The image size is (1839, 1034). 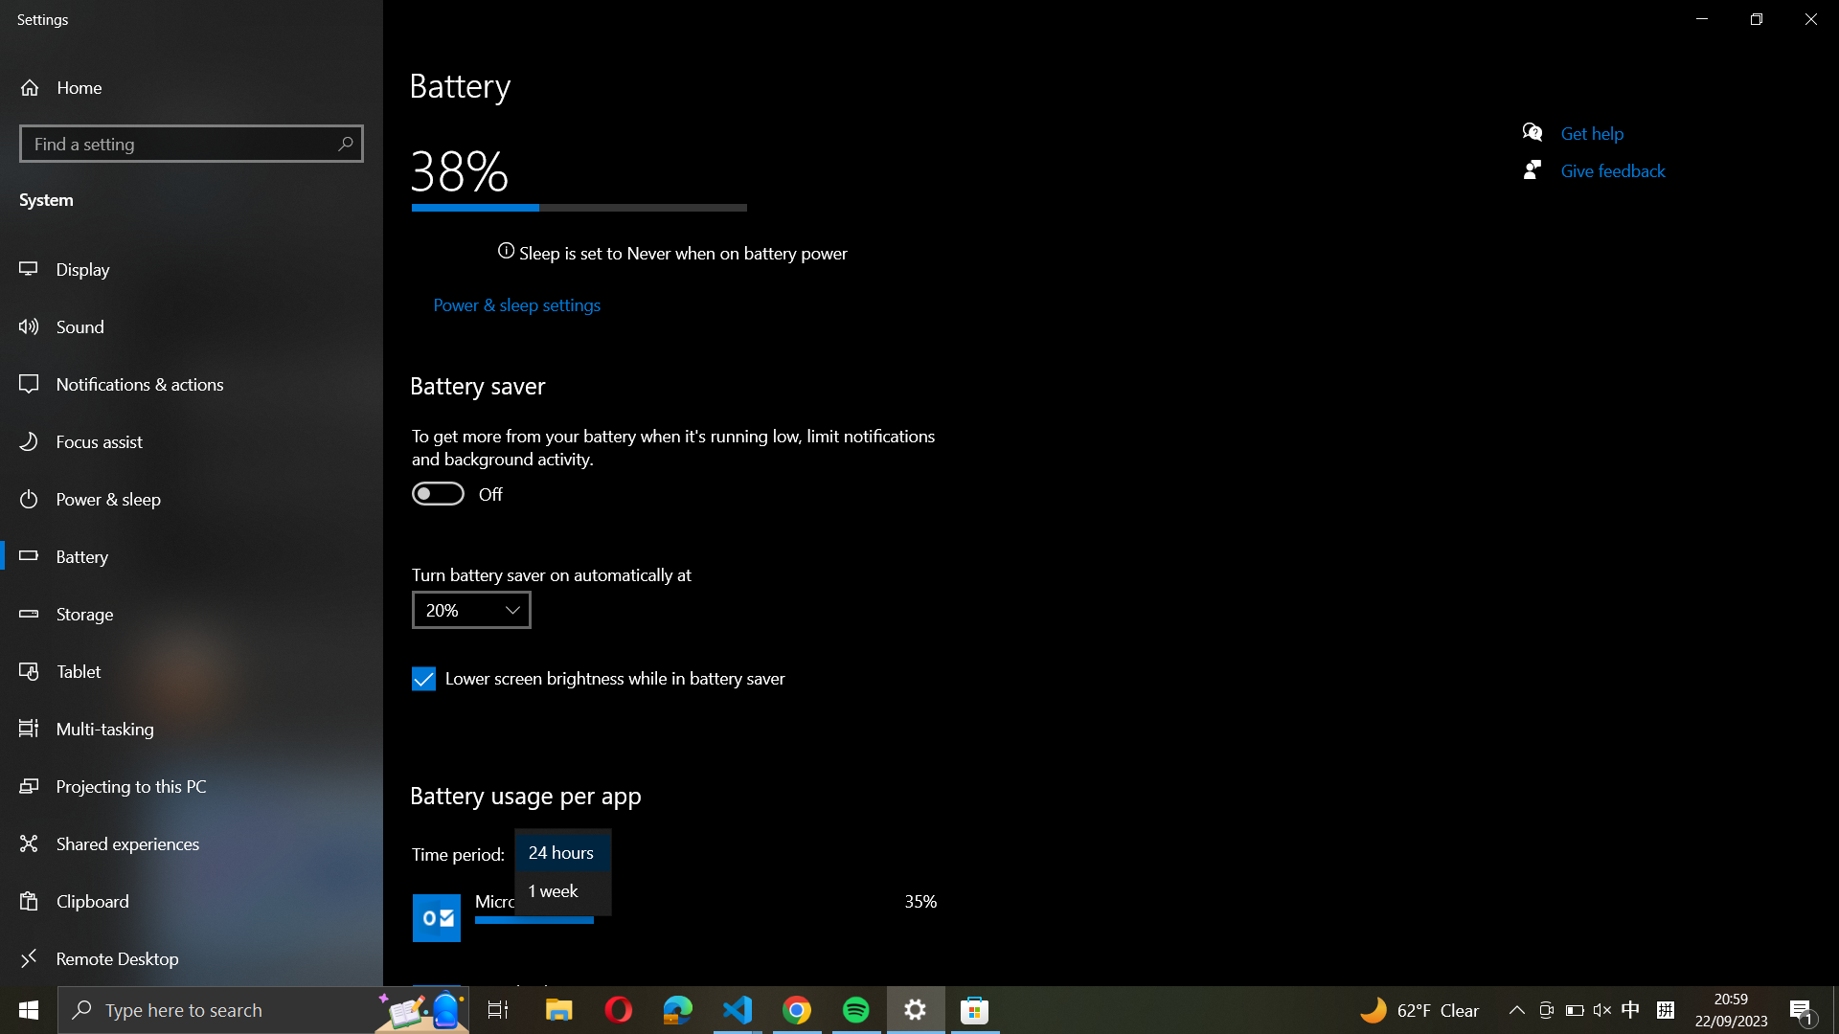 What do you see at coordinates (562, 890) in the screenshot?
I see `the duration for battery usage for each application to "1 week` at bounding box center [562, 890].